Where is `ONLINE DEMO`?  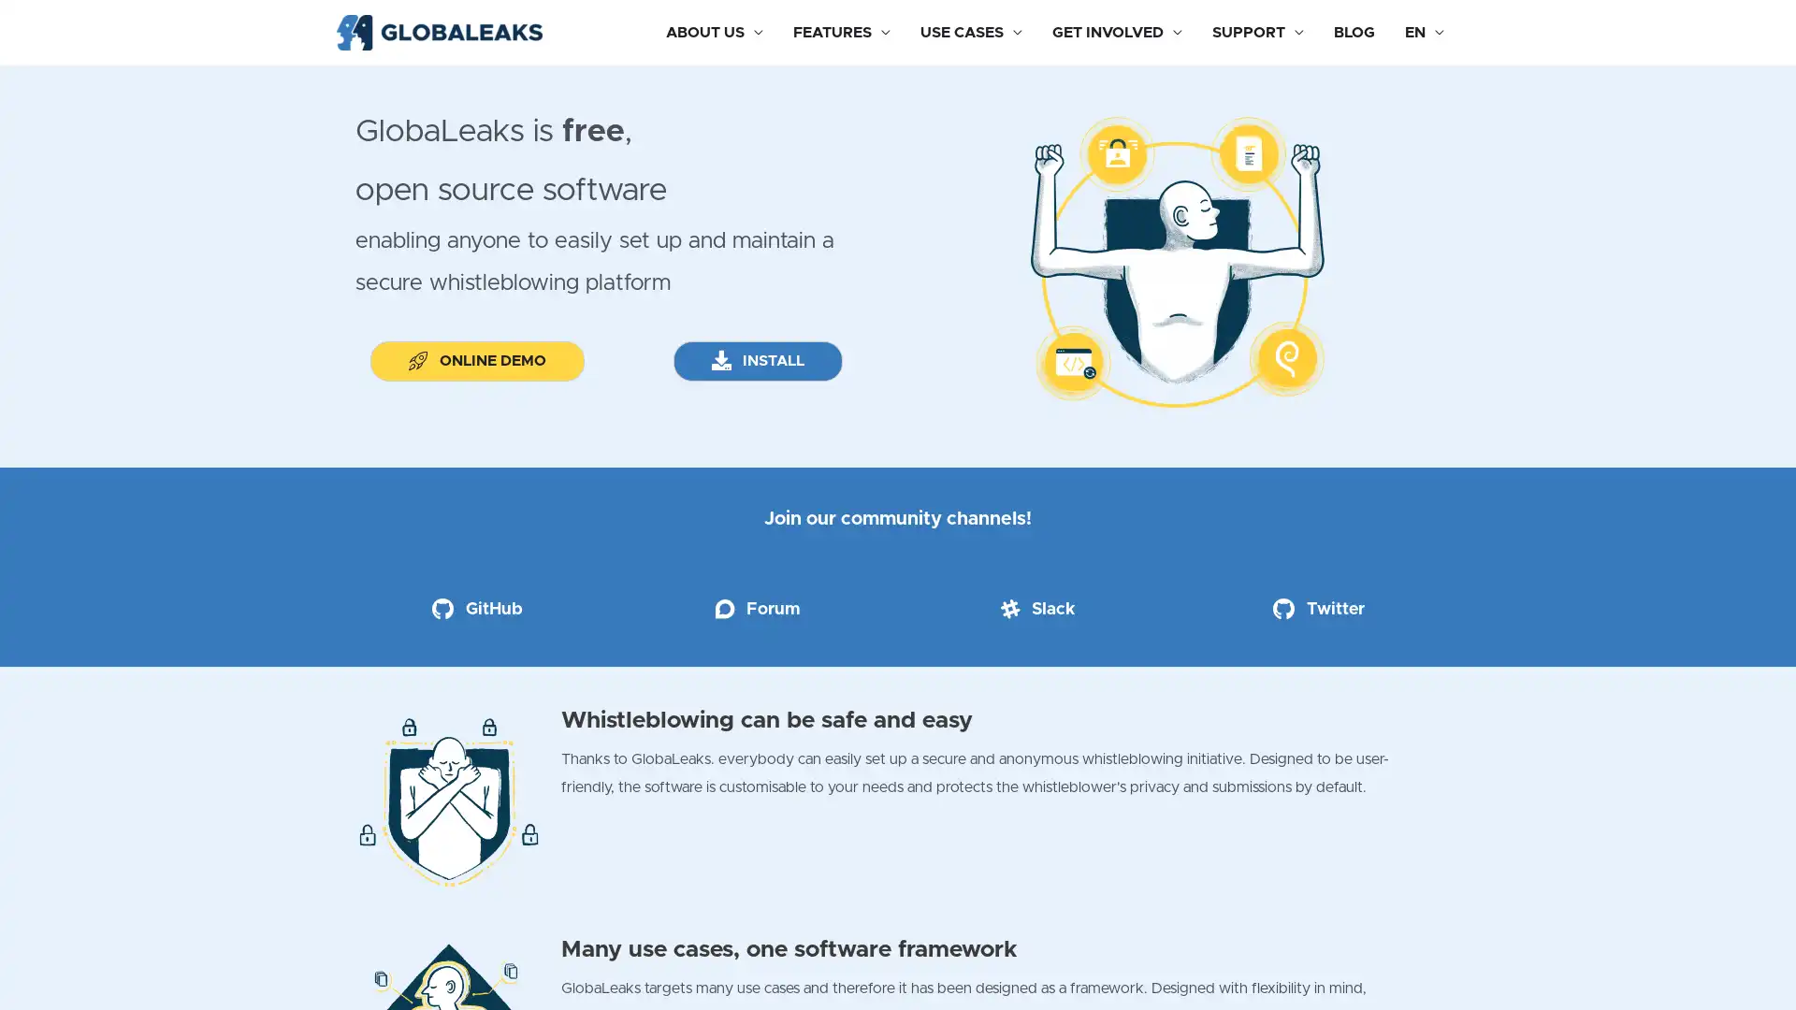
ONLINE DEMO is located at coordinates (476, 361).